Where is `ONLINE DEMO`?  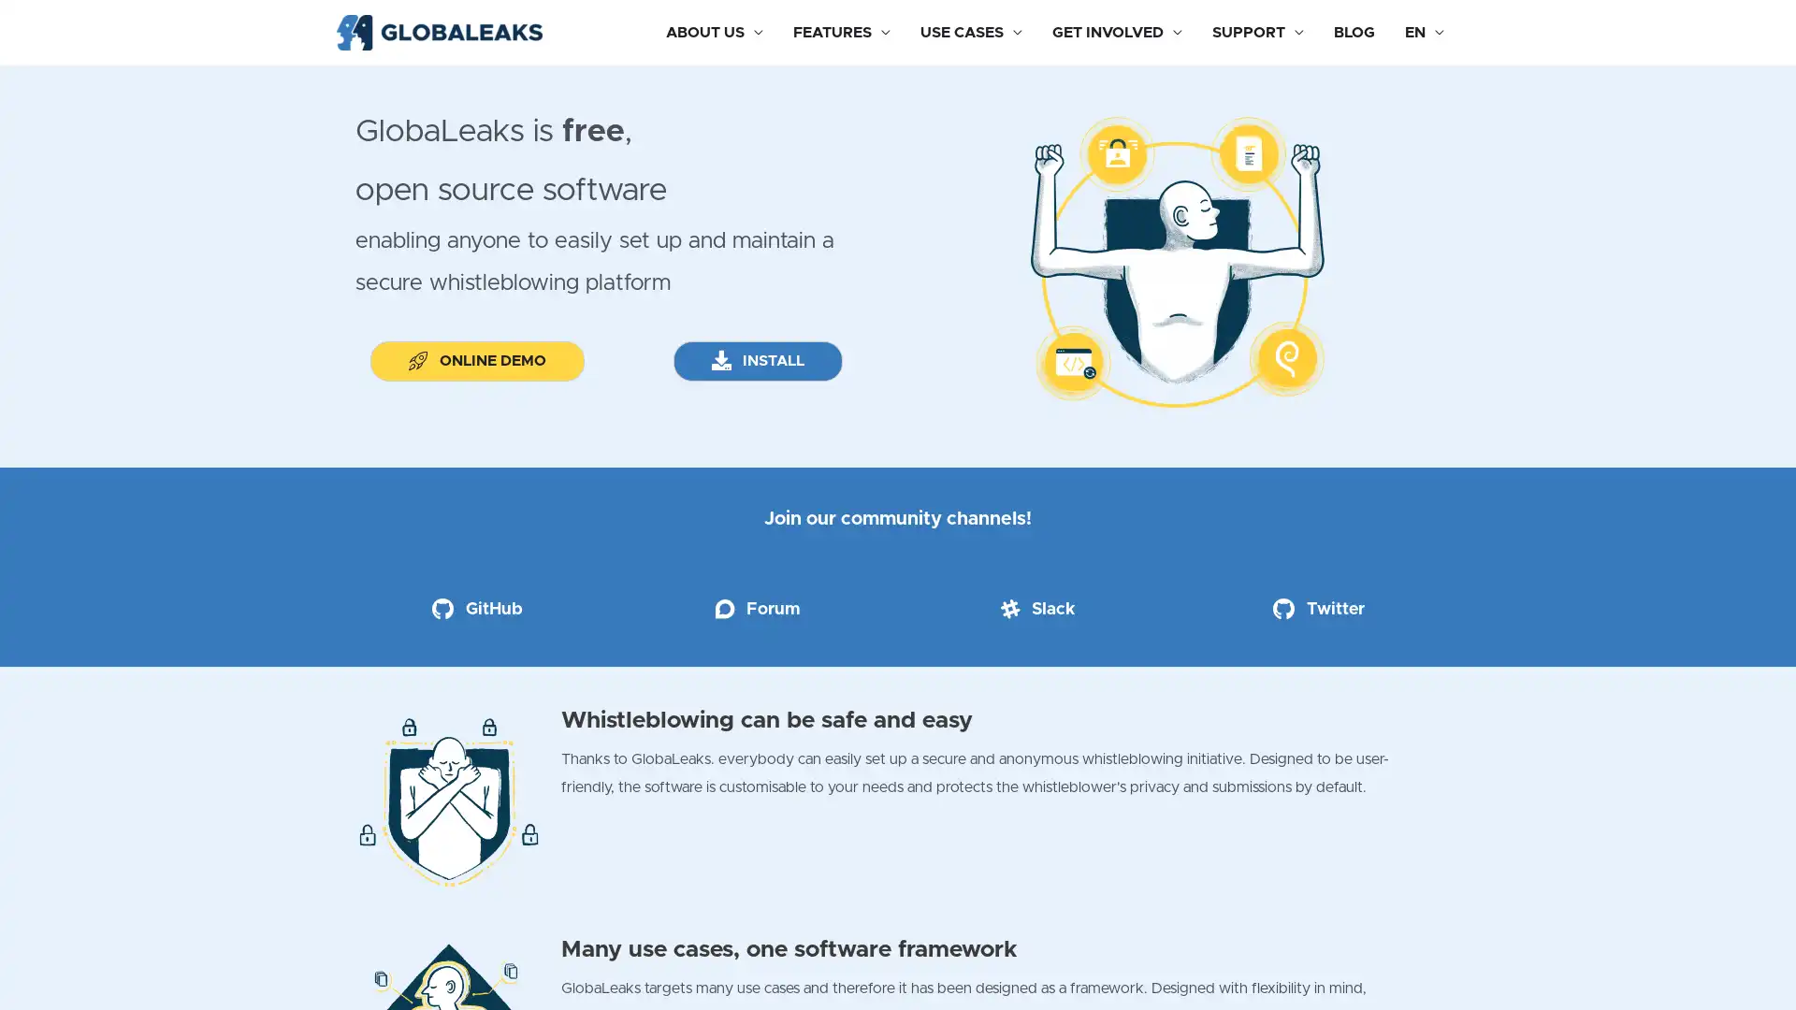
ONLINE DEMO is located at coordinates (476, 361).